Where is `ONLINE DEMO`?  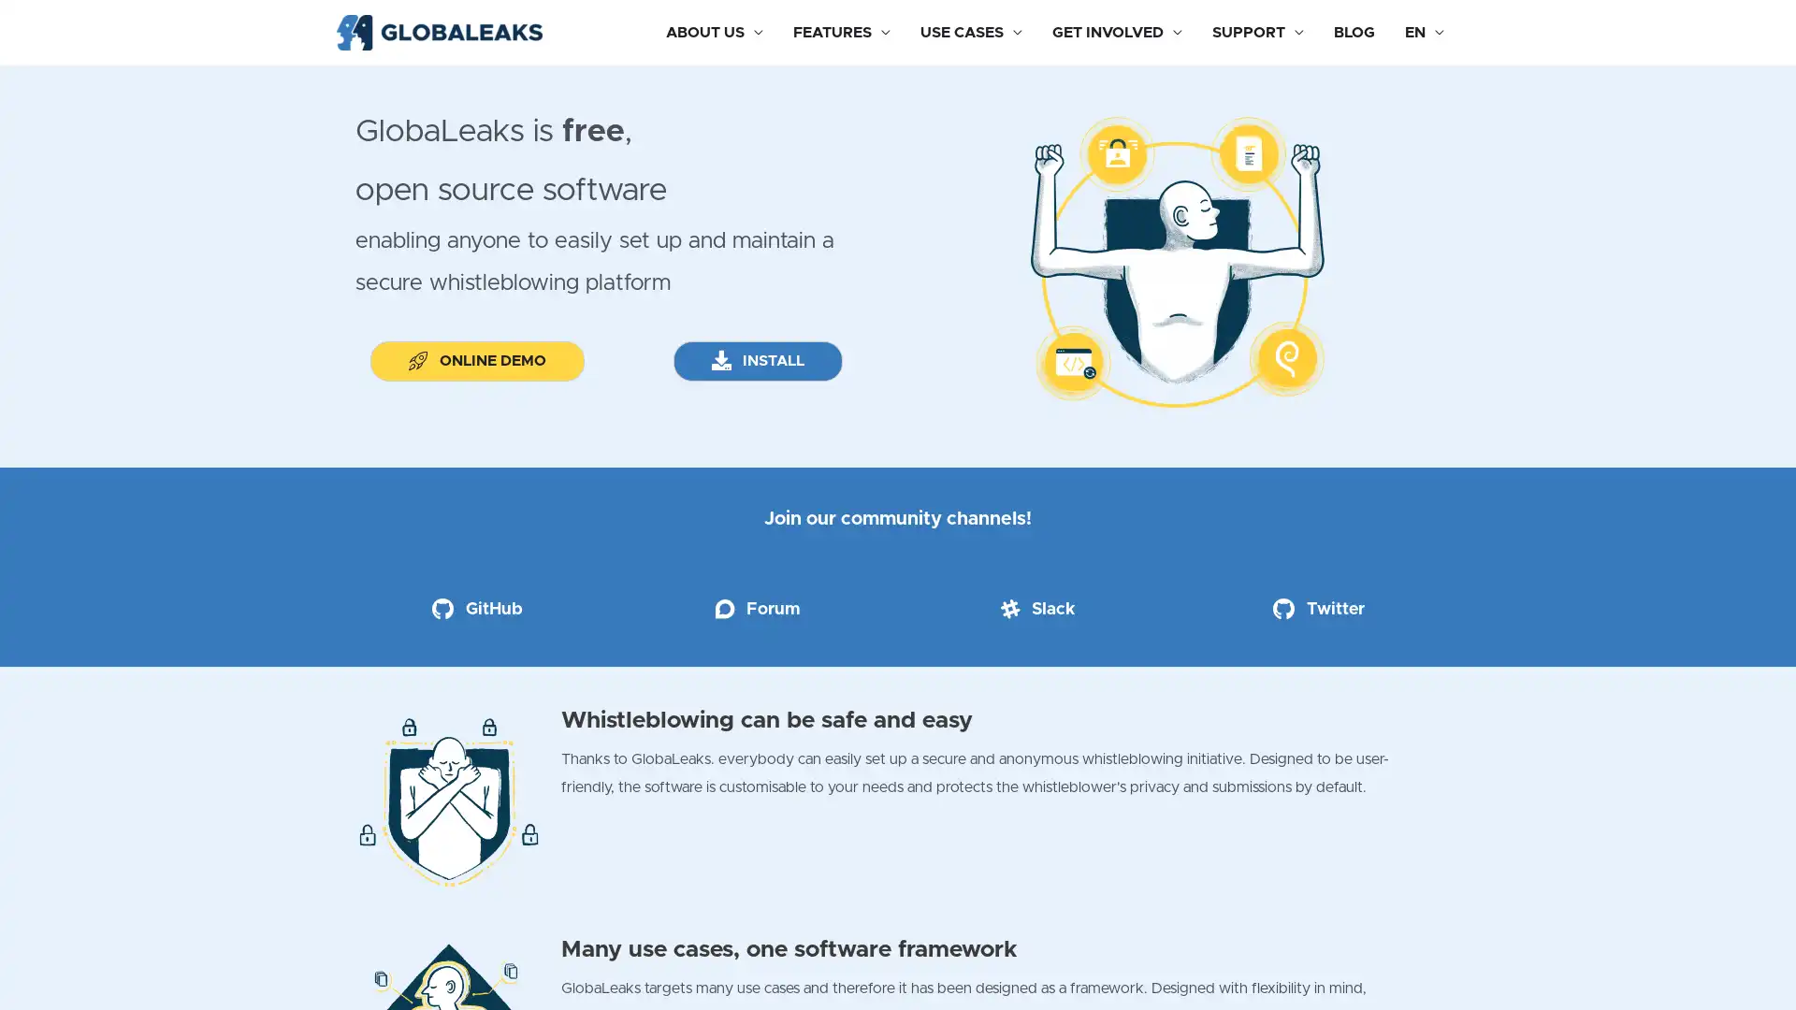
ONLINE DEMO is located at coordinates (476, 361).